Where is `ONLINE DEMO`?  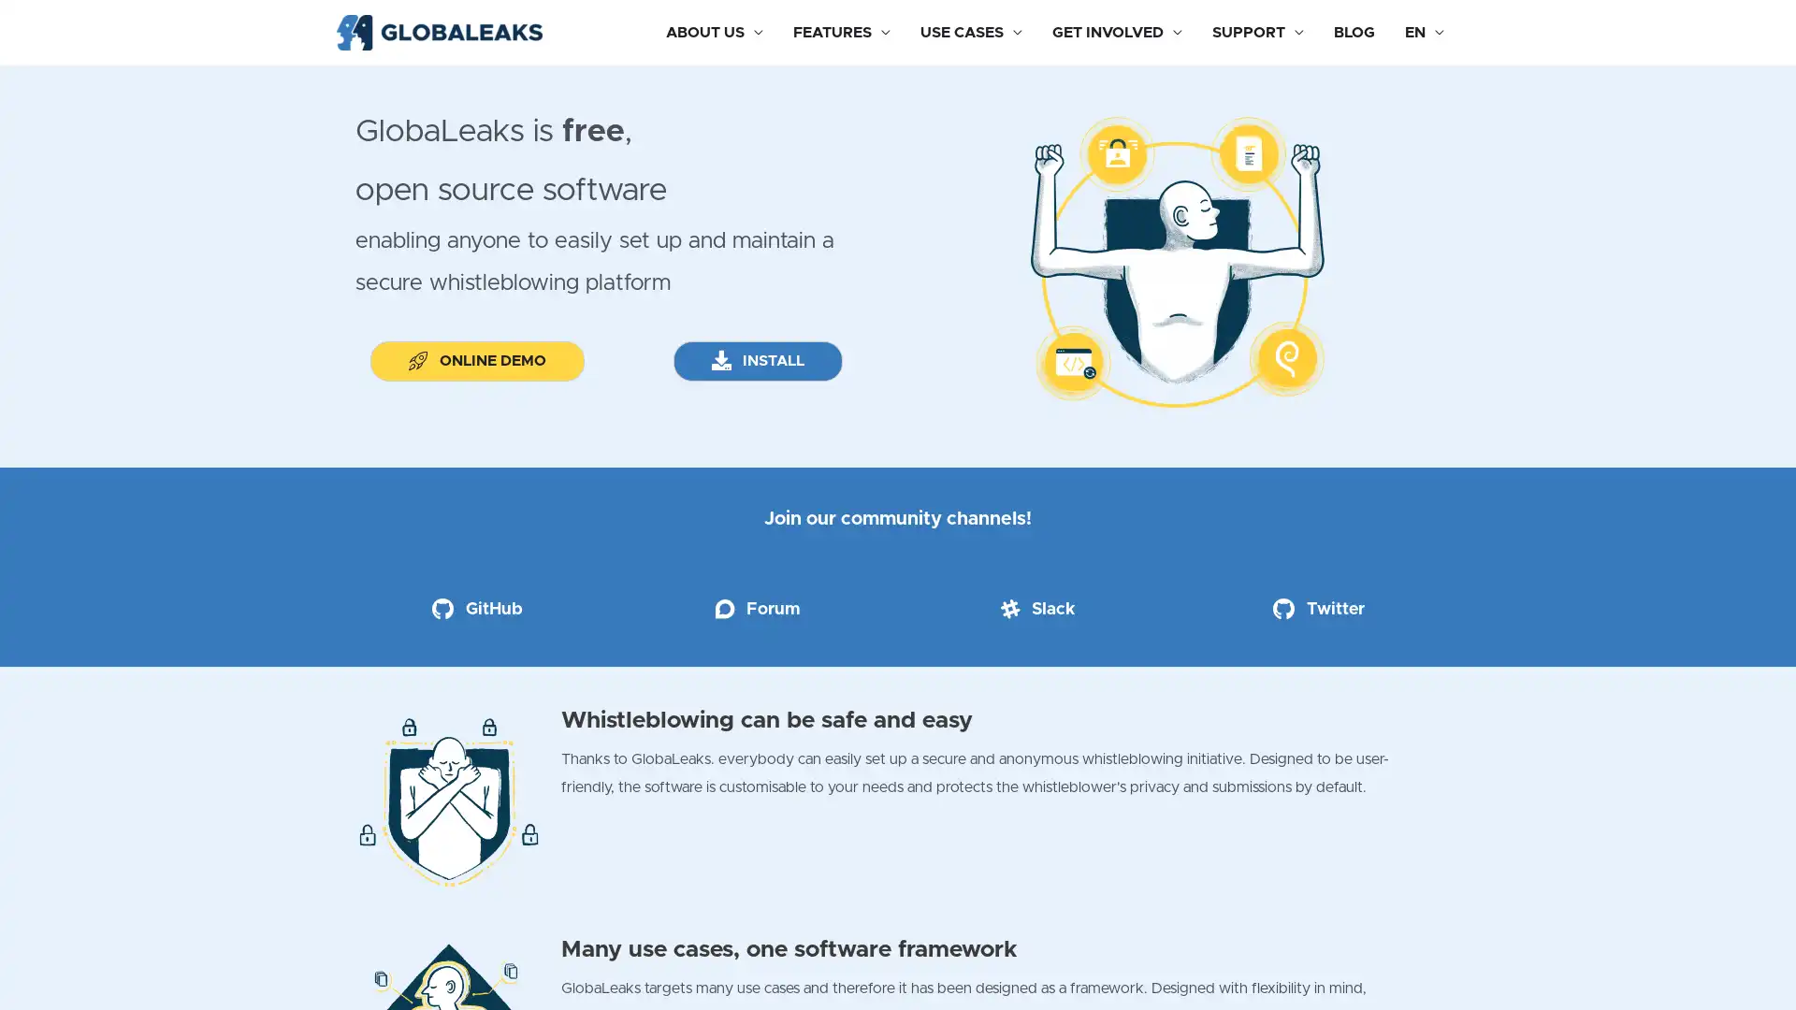
ONLINE DEMO is located at coordinates (476, 361).